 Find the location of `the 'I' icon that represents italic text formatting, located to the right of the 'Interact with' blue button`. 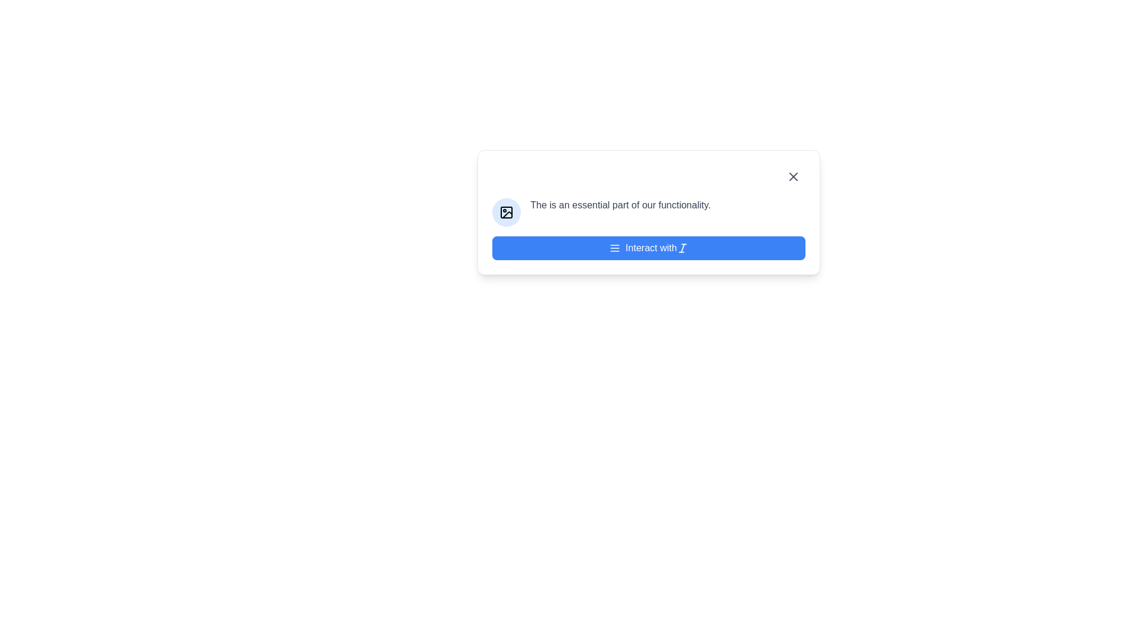

the 'I' icon that represents italic text formatting, located to the right of the 'Interact with' blue button is located at coordinates (683, 247).